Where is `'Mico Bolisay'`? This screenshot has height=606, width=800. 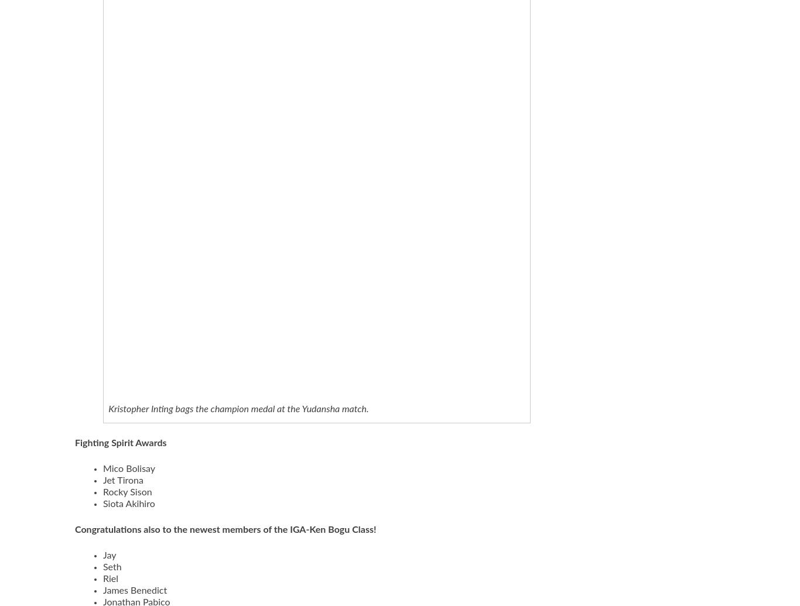 'Mico Bolisay' is located at coordinates (102, 468).